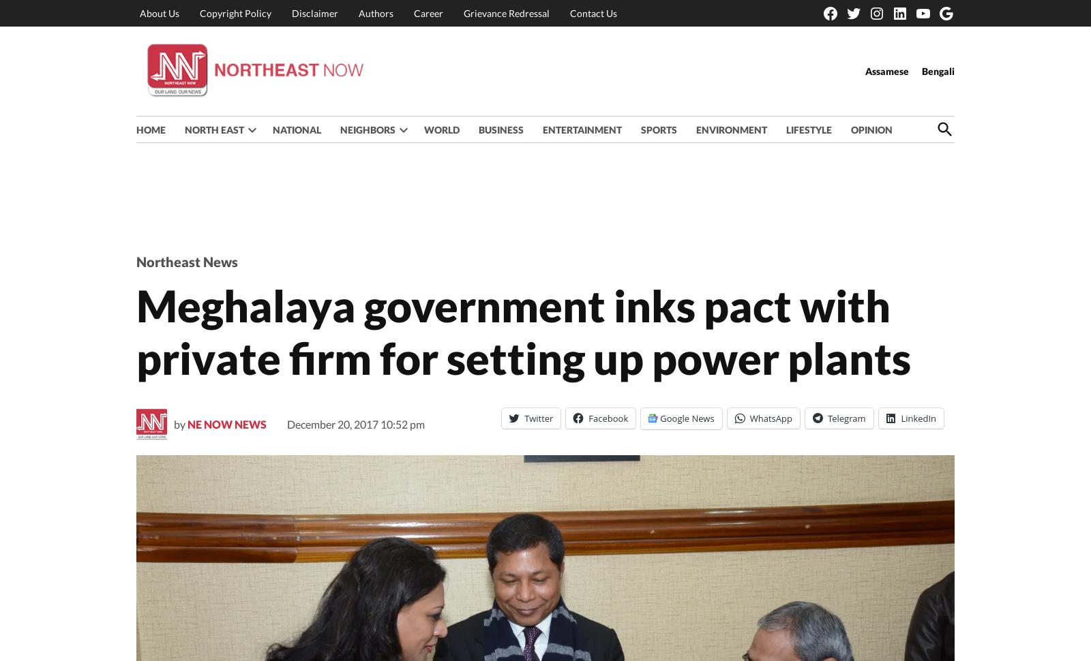 Image resolution: width=1091 pixels, height=661 pixels. What do you see at coordinates (214, 128) in the screenshot?
I see `'NORTH EAST'` at bounding box center [214, 128].